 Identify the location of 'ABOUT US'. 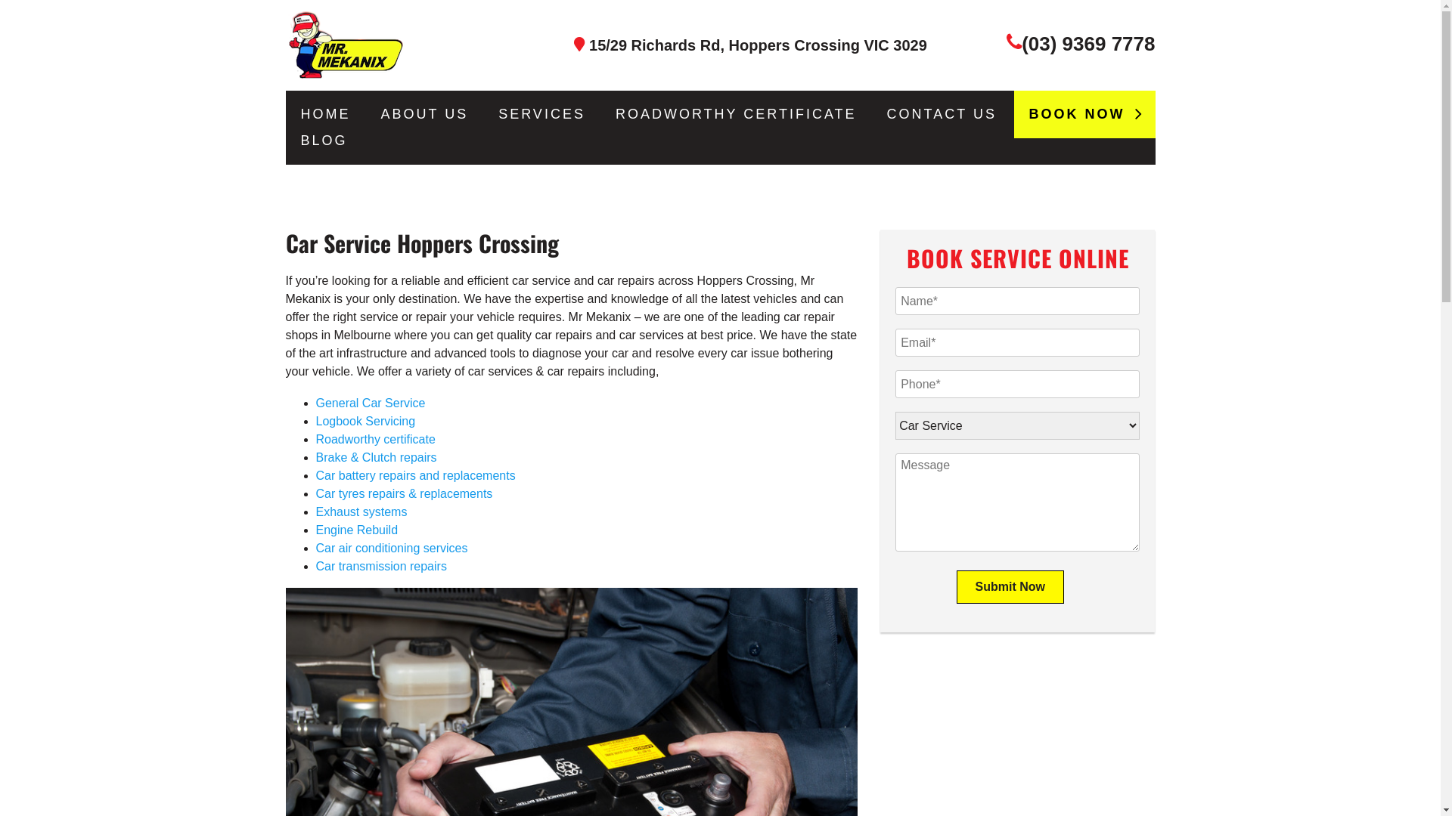
(381, 113).